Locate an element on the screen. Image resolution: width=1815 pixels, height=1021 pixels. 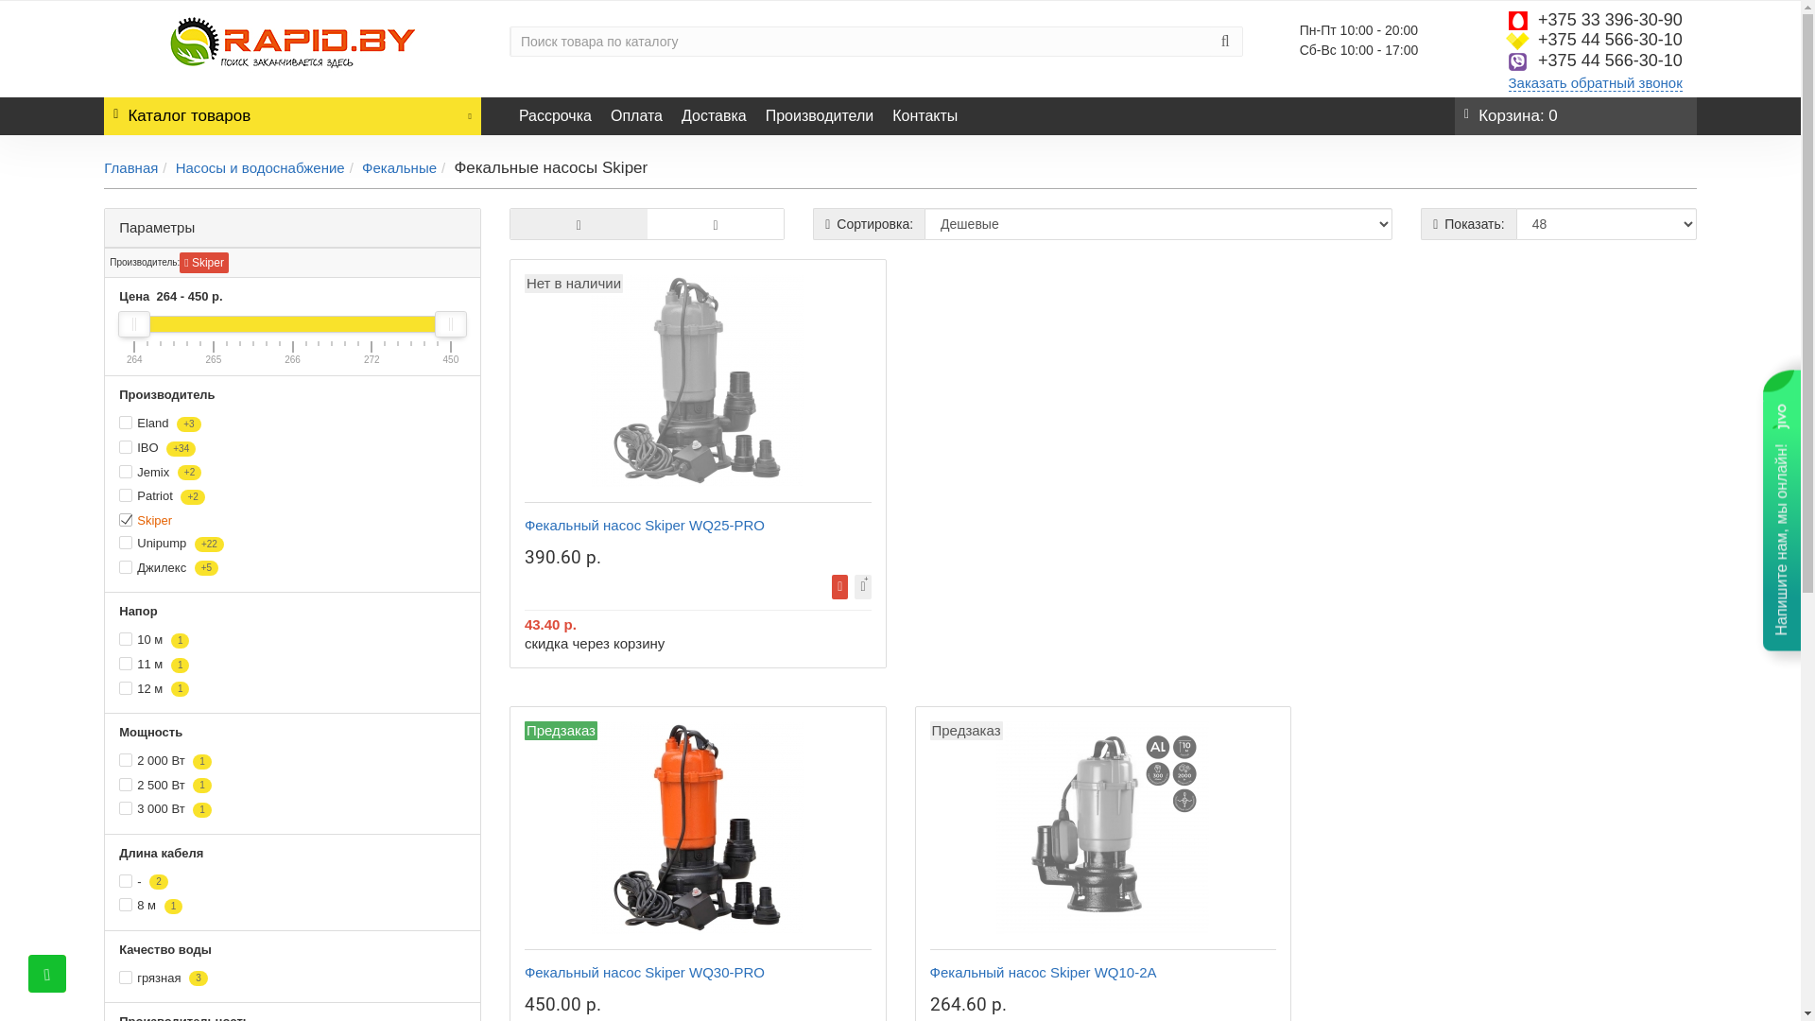
'Rapid.by' is located at coordinates (292, 43).